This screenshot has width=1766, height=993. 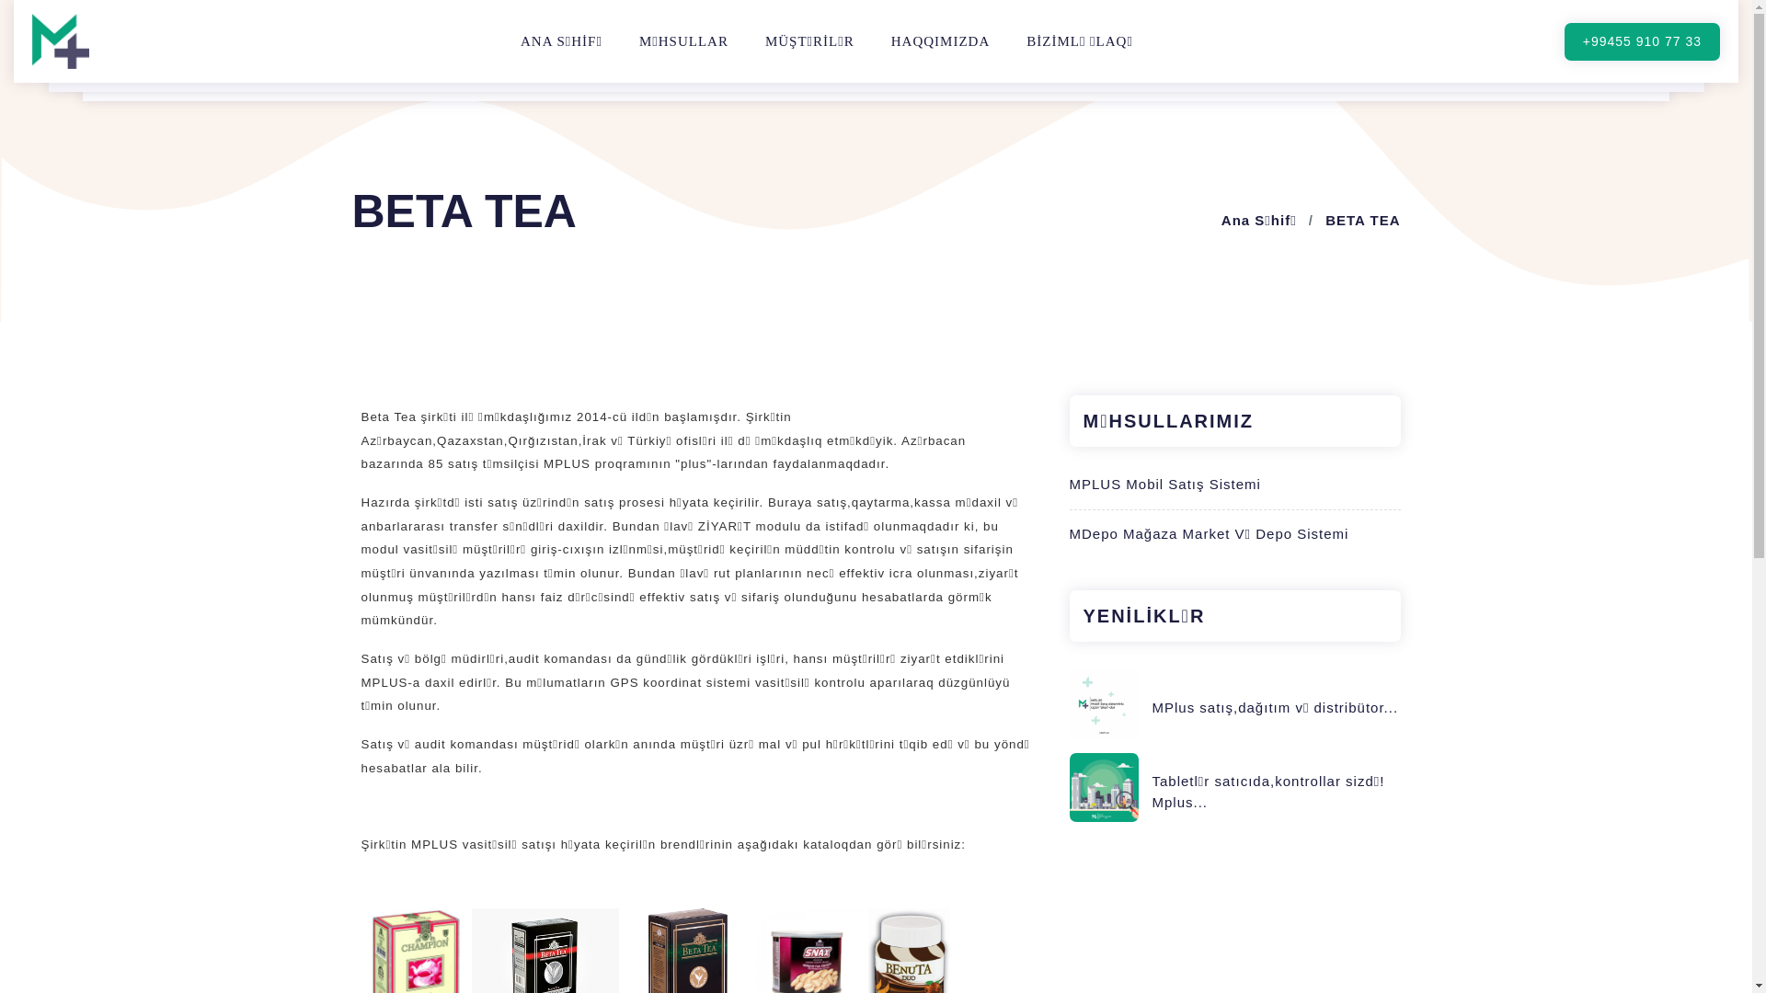 I want to click on 'BETA TEA', so click(x=1324, y=219).